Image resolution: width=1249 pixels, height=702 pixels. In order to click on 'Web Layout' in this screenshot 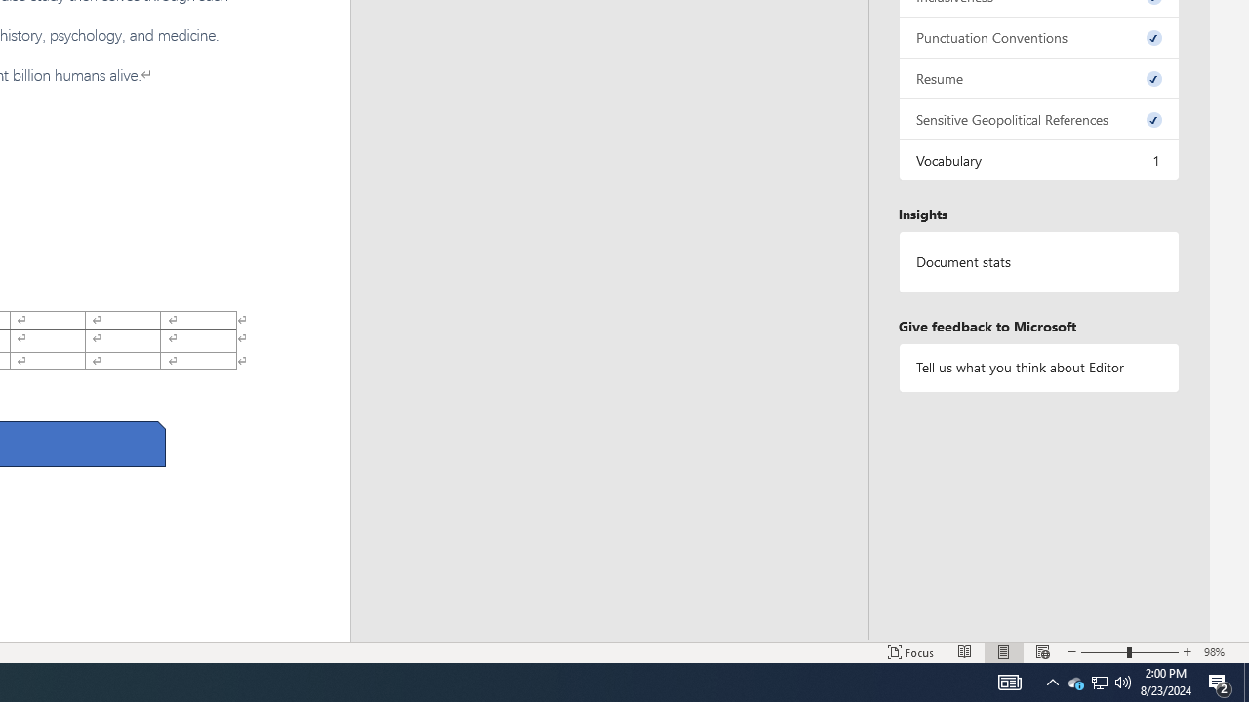, I will do `click(1042, 652)`.